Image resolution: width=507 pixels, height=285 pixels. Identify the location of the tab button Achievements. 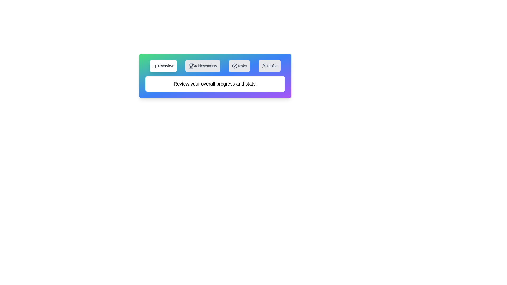
(203, 66).